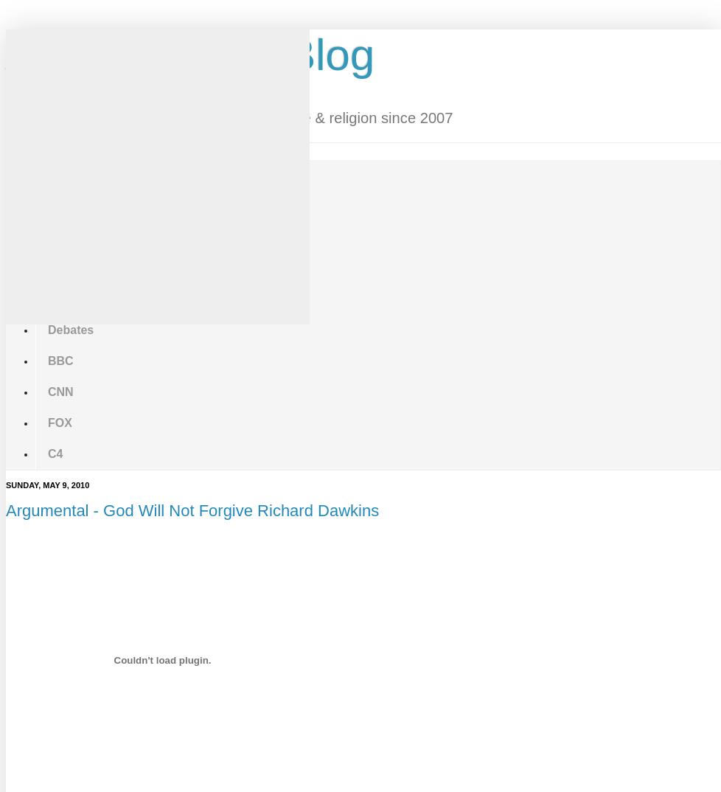 The image size is (721, 792). I want to click on 'Argumental - God Will Not Forgive Richard Dawkins', so click(192, 510).